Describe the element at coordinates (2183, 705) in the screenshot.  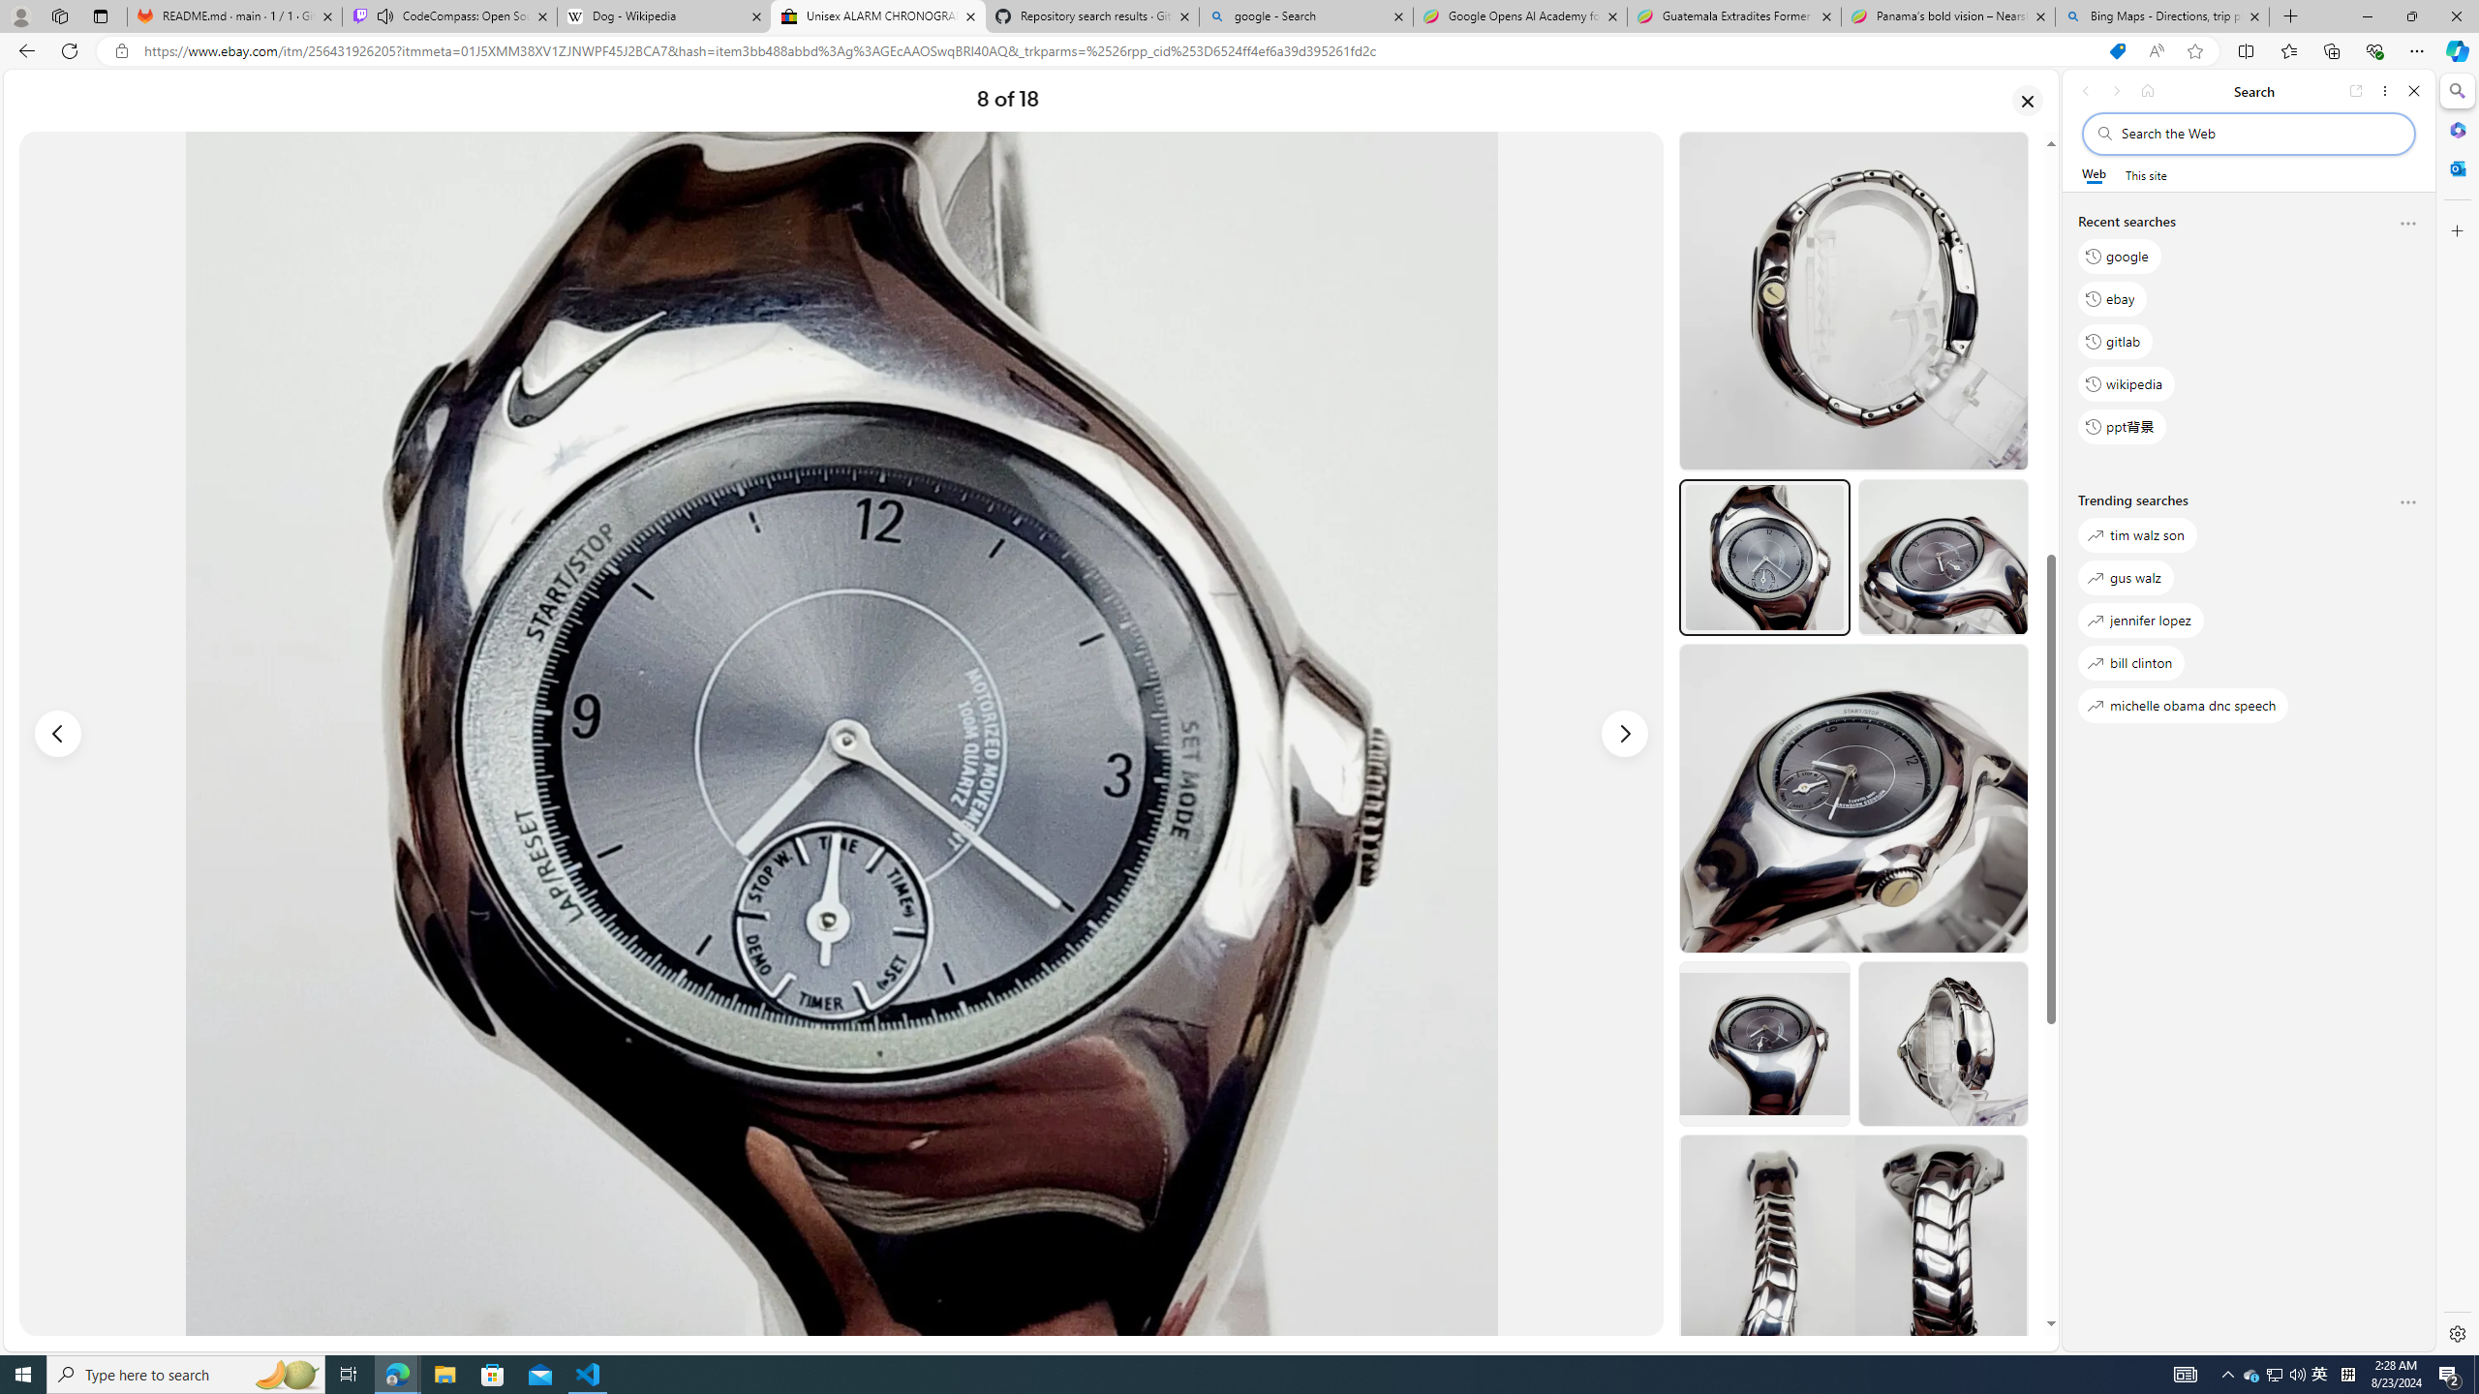
I see `'michelle obama dnc speech'` at that location.